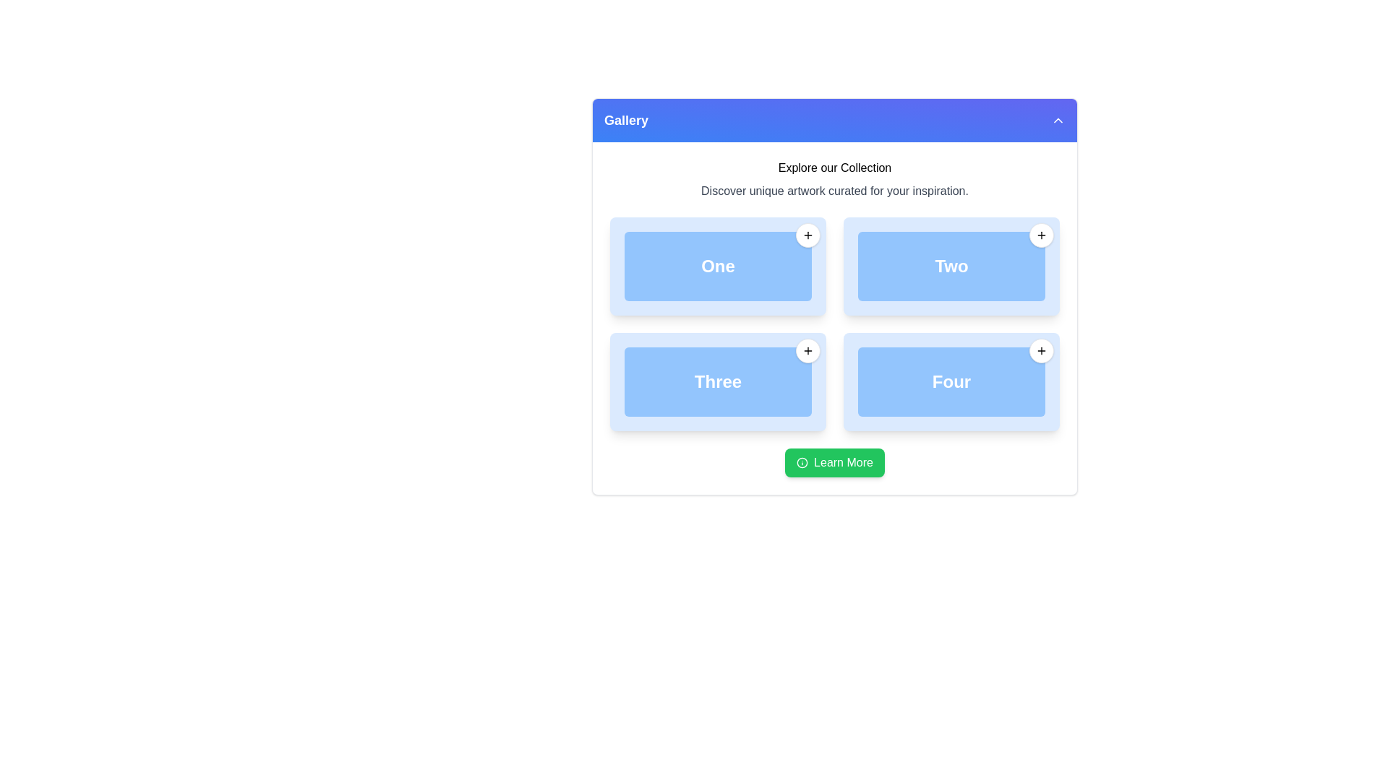 The height and width of the screenshot is (780, 1388). I want to click on the circular icon with an information symbol inside a green 'Learn More' button located at the bottom center of the interface, so click(802, 462).